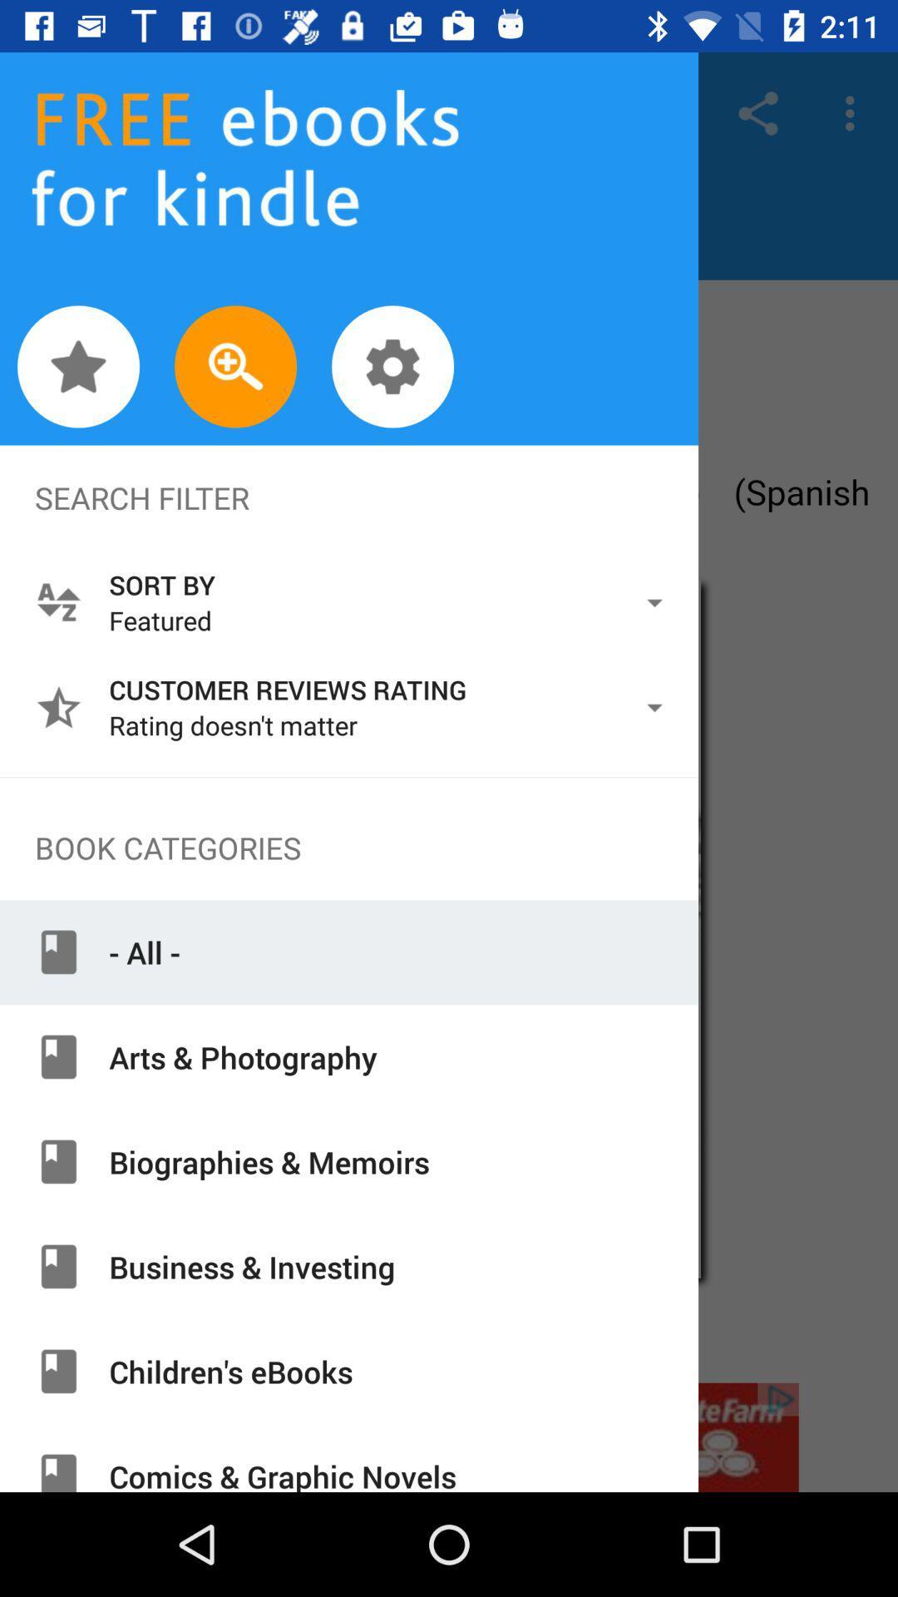 The image size is (898, 1597). I want to click on zoom in, so click(235, 366).